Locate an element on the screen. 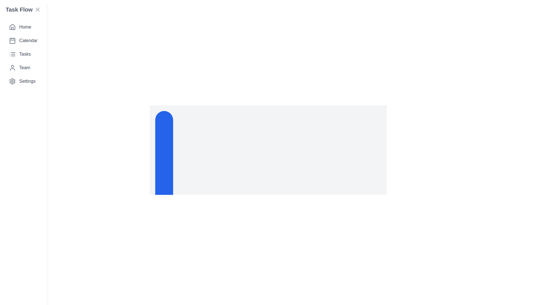 The image size is (543, 305). the menu item corresponding to Home to navigate to that section is located at coordinates (23, 27).